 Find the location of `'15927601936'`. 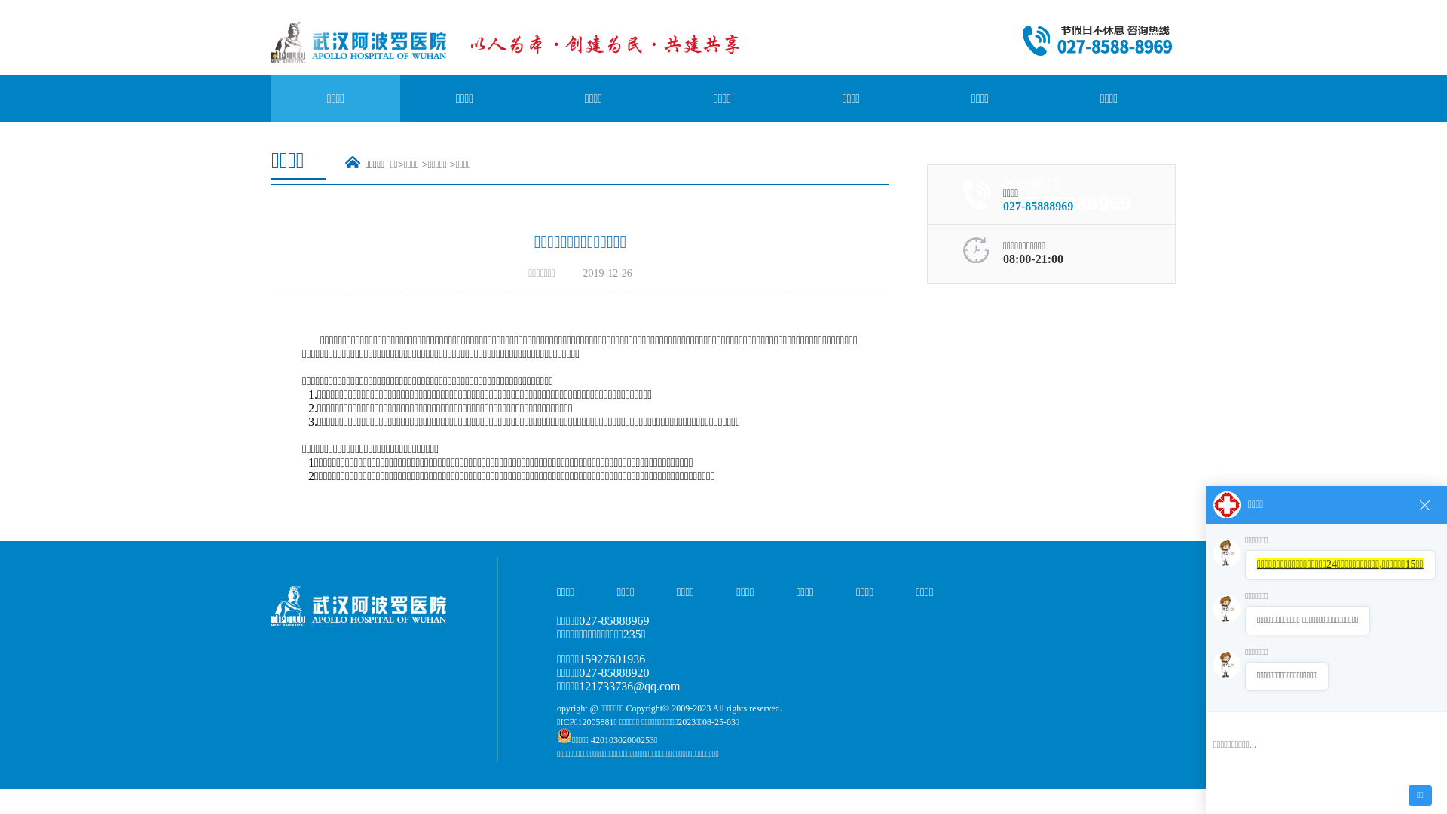

'15927601936' is located at coordinates (611, 658).